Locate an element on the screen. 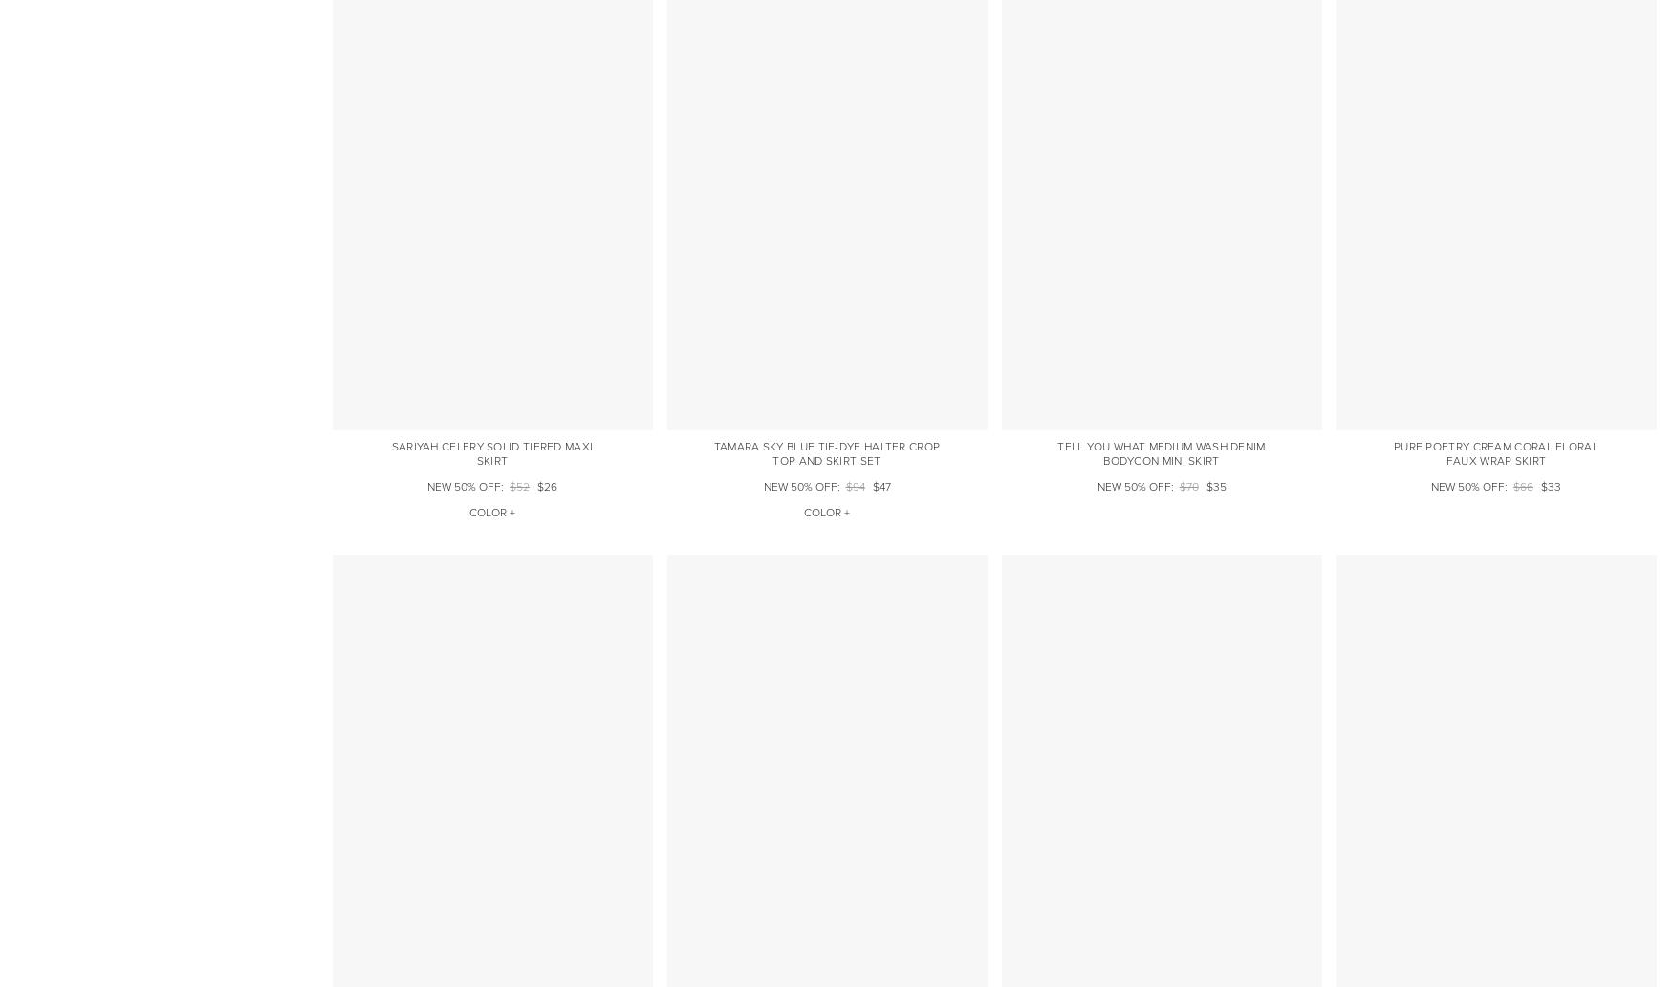 The width and height of the screenshot is (1673, 987). 'Pure Poetry Cream Coral Floral Faux Wrap Skirt' is located at coordinates (1393, 451).